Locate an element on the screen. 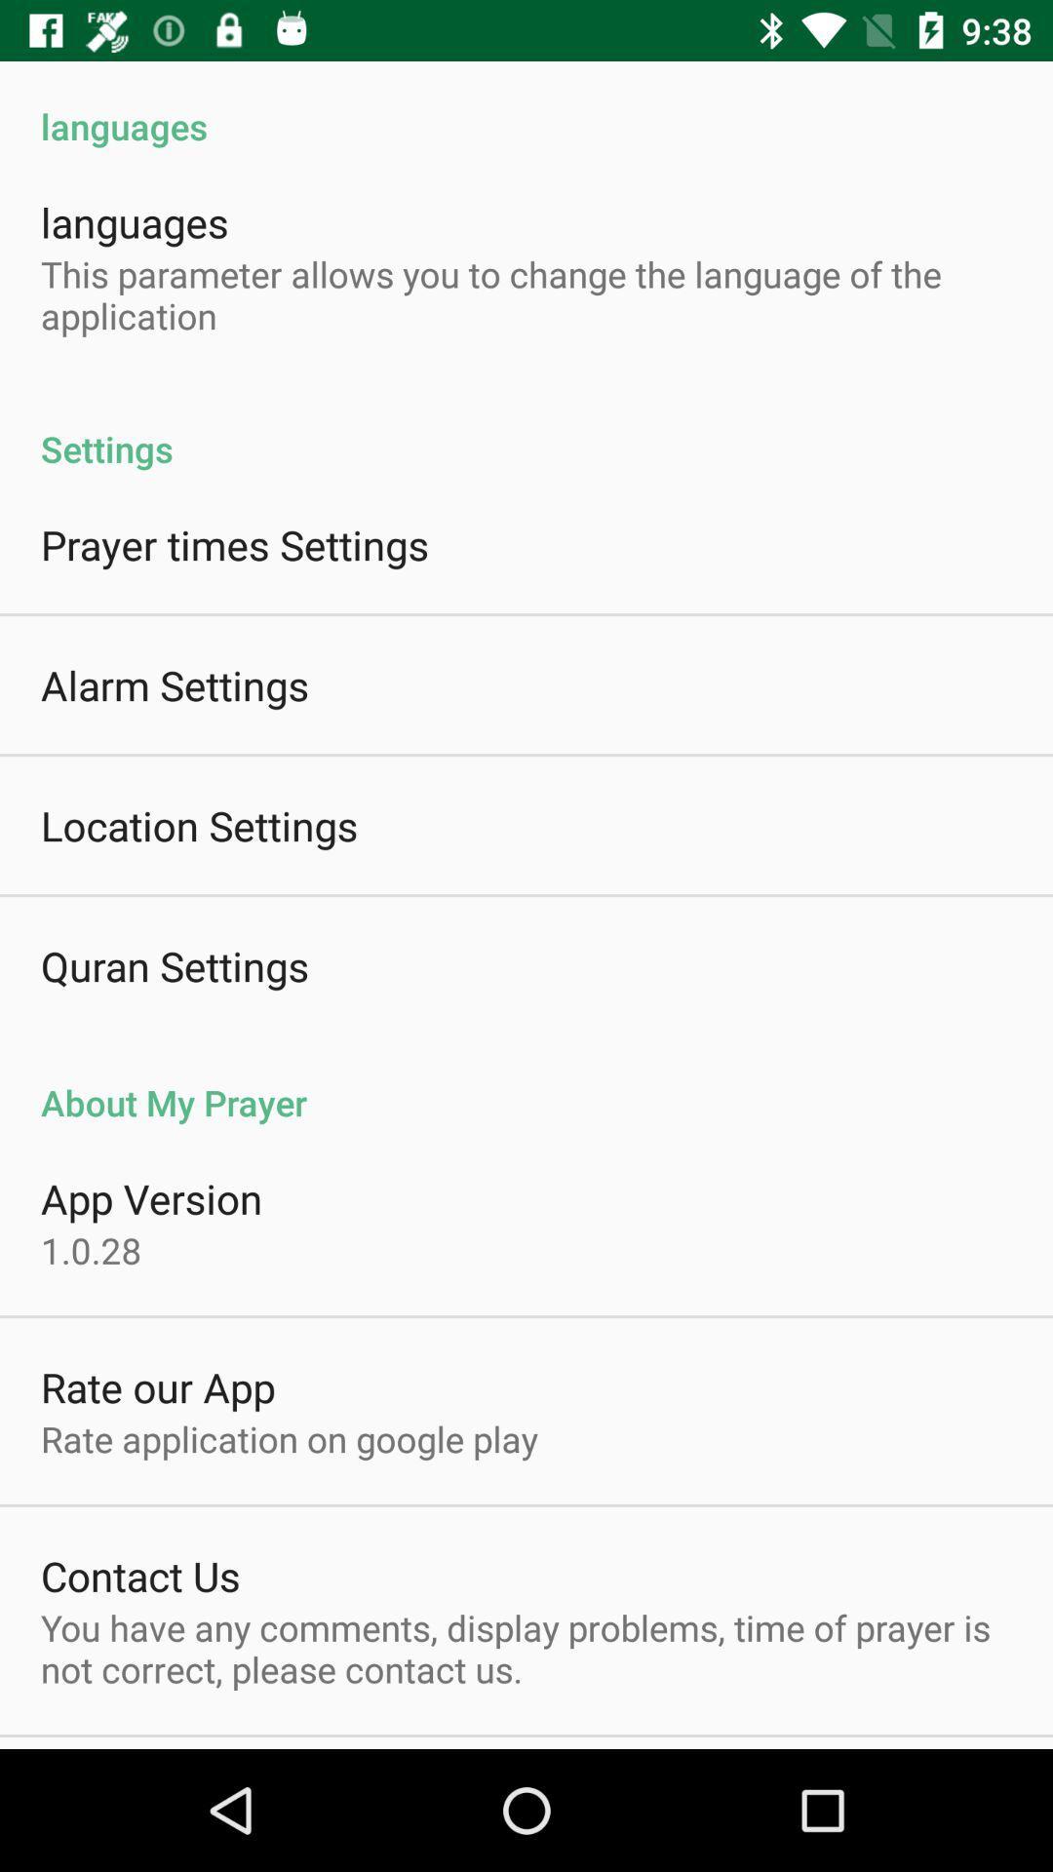 The width and height of the screenshot is (1053, 1872). the item below 1.0.28 icon is located at coordinates (157, 1385).